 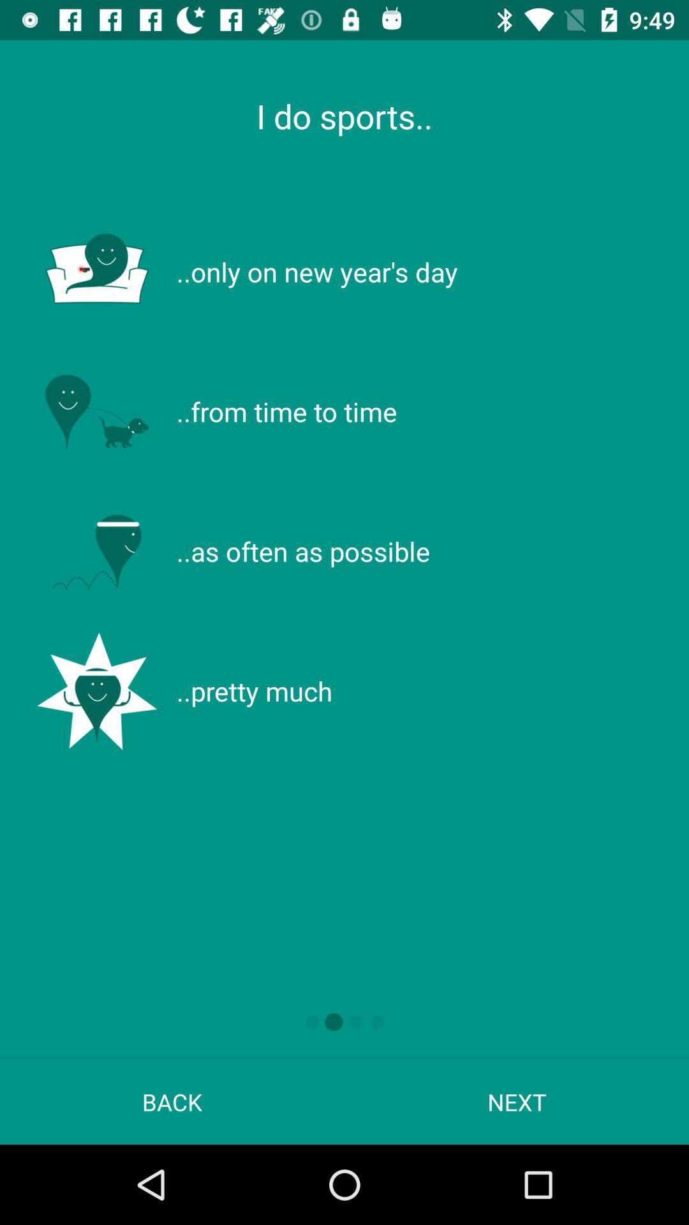 What do you see at coordinates (517, 1101) in the screenshot?
I see `next` at bounding box center [517, 1101].